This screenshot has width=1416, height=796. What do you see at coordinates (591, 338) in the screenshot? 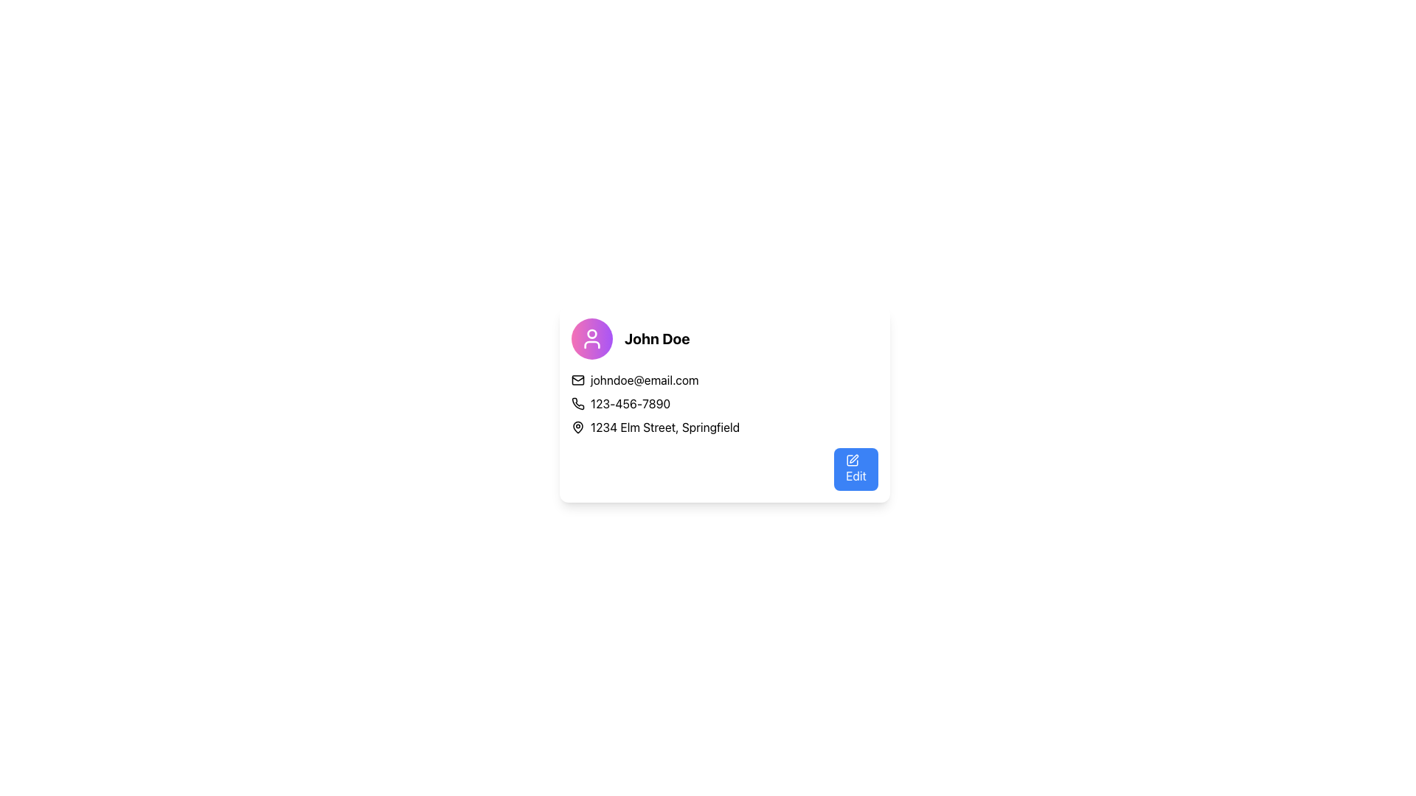
I see `the circular decorative icon with a gradient background and a white user icon in the center, located to the left of the text 'John Doe' on the profile card` at bounding box center [591, 338].